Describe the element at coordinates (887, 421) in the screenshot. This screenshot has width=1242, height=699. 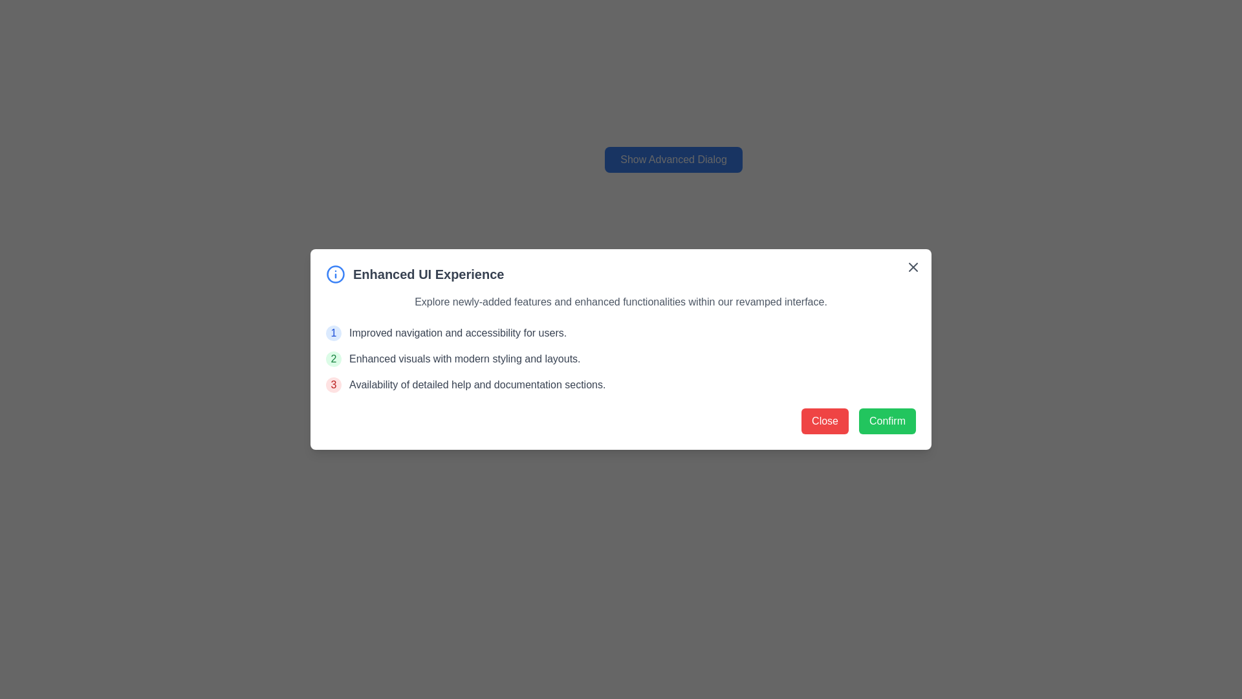
I see `the green 'Confirm' button with white text located in the bottom-right area of the dialog box to confirm the action` at that location.